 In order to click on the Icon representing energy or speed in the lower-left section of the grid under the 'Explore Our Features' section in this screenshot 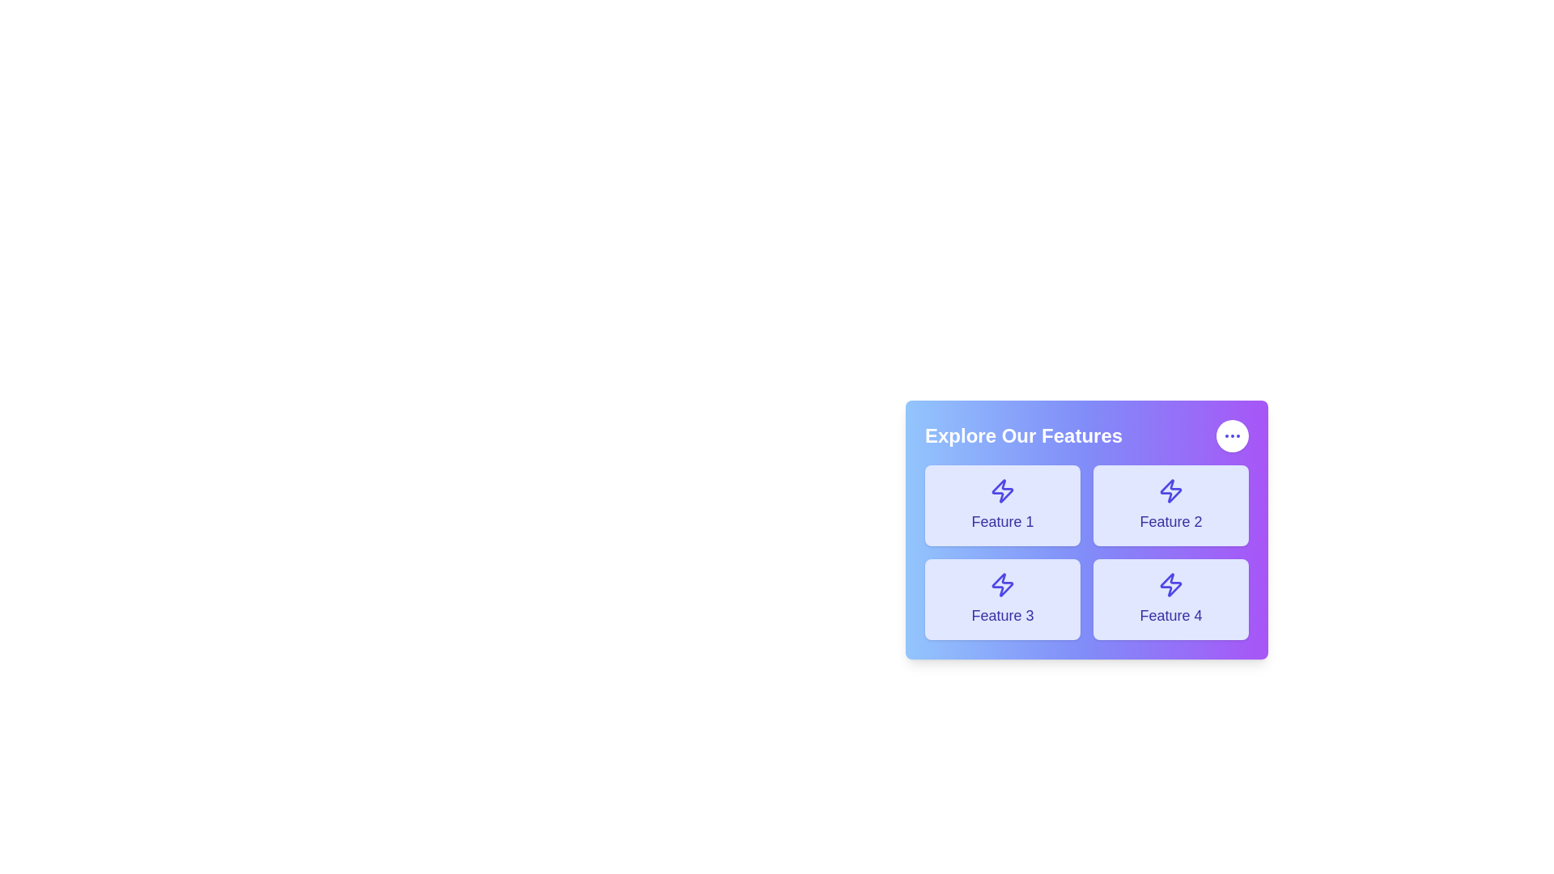, I will do `click(1001, 584)`.